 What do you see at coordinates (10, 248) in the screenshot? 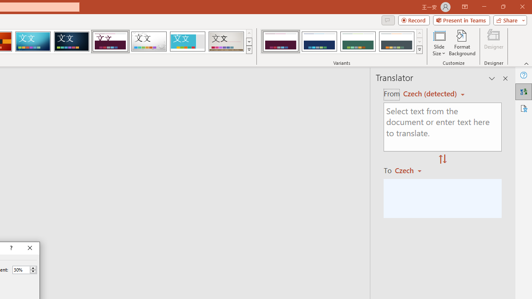
I see `'Context help'` at bounding box center [10, 248].